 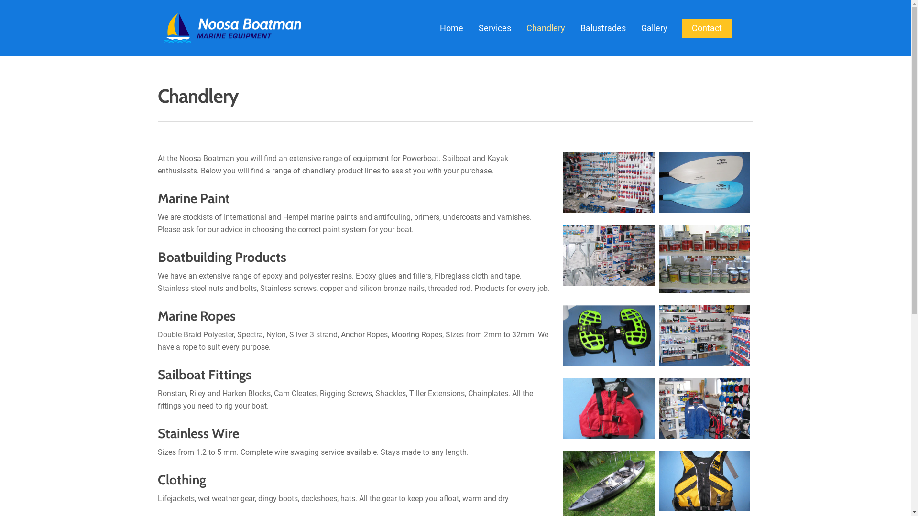 I want to click on 'Services', so click(x=495, y=27).